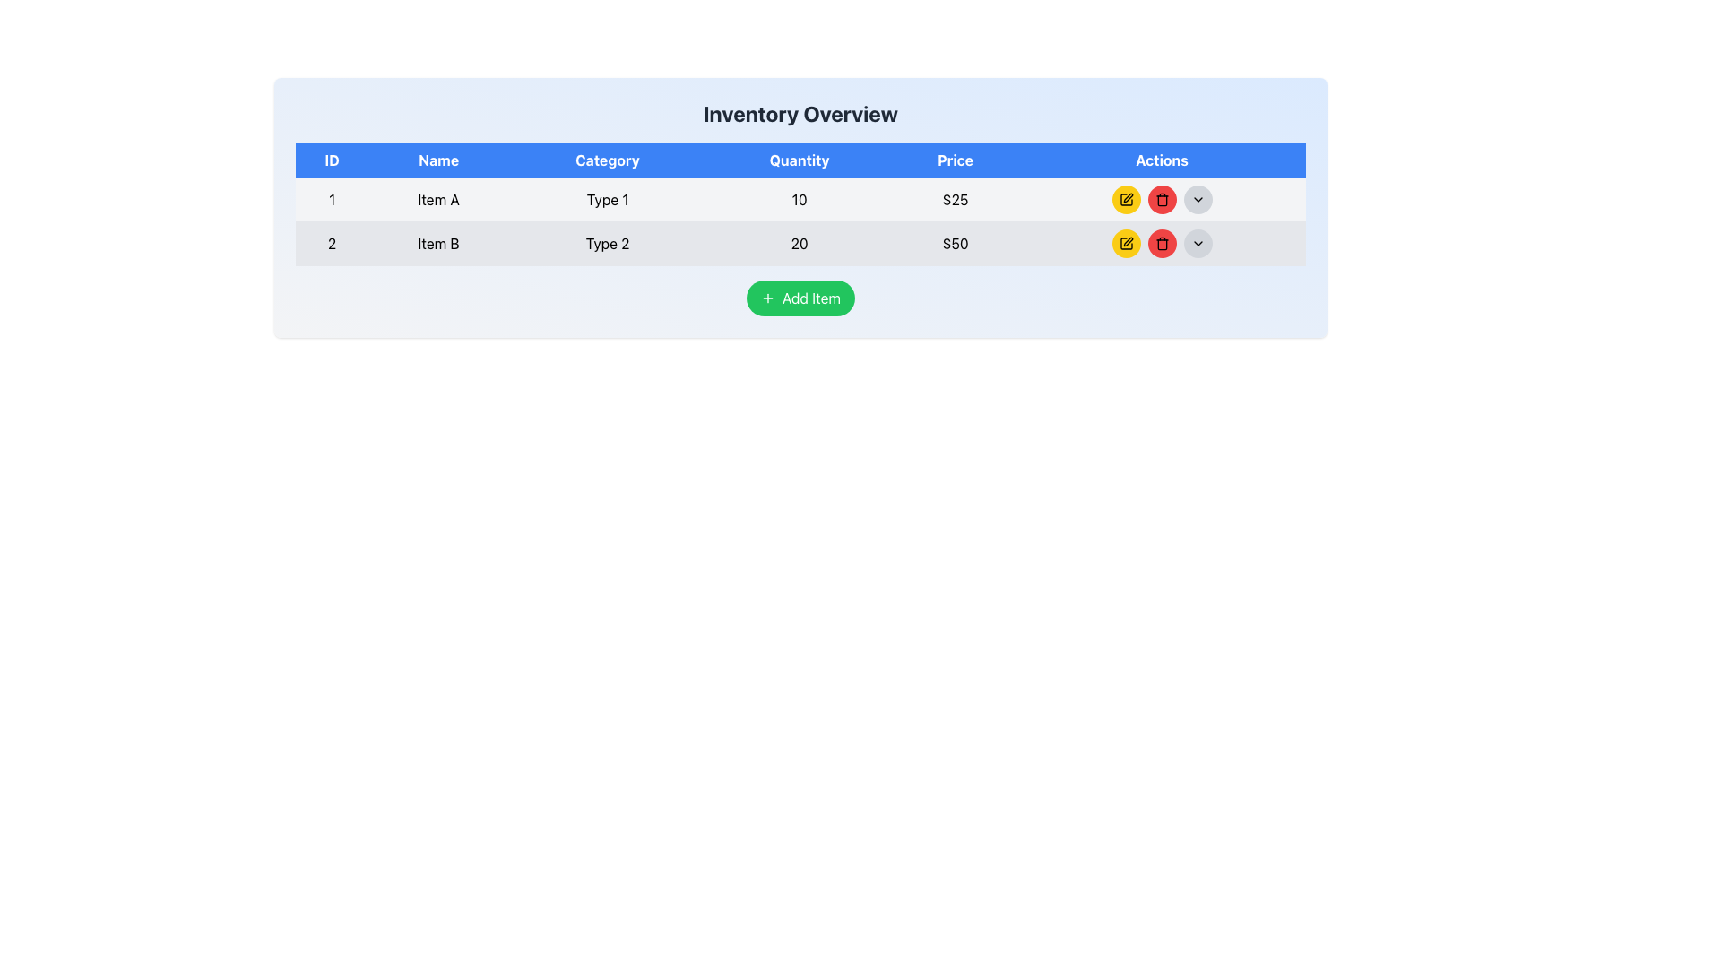 Image resolution: width=1721 pixels, height=968 pixels. Describe the element at coordinates (1162, 244) in the screenshot. I see `the circular red button with a trash can icon in the 'Actions' column of the second row under 'Inventory Overview' to initiate deletion` at that location.